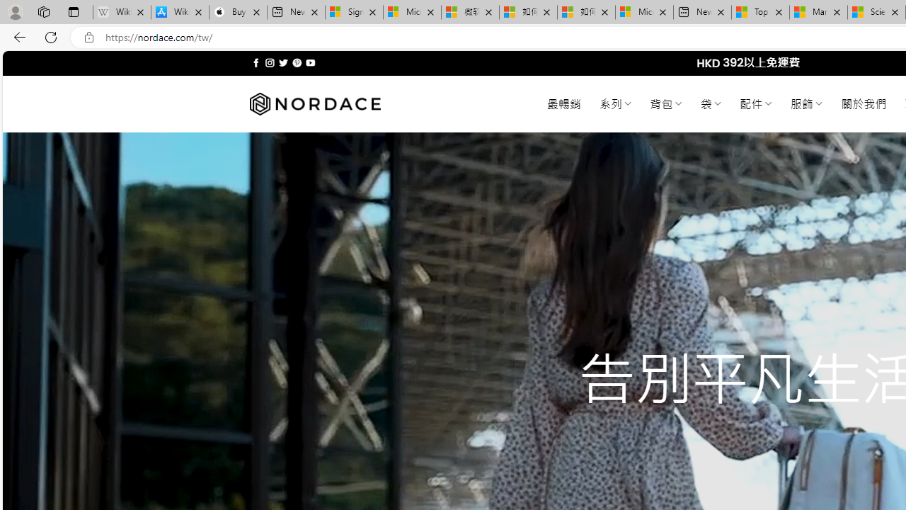  What do you see at coordinates (238, 12) in the screenshot?
I see `'Buy iPad - Apple'` at bounding box center [238, 12].